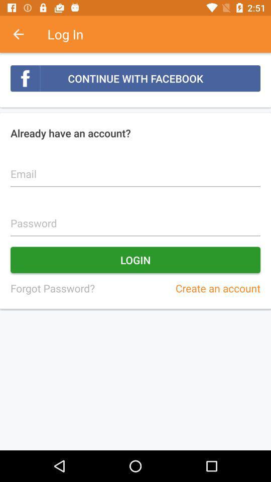 This screenshot has width=271, height=482. Describe the element at coordinates (135, 168) in the screenshot. I see `icon below already have an` at that location.